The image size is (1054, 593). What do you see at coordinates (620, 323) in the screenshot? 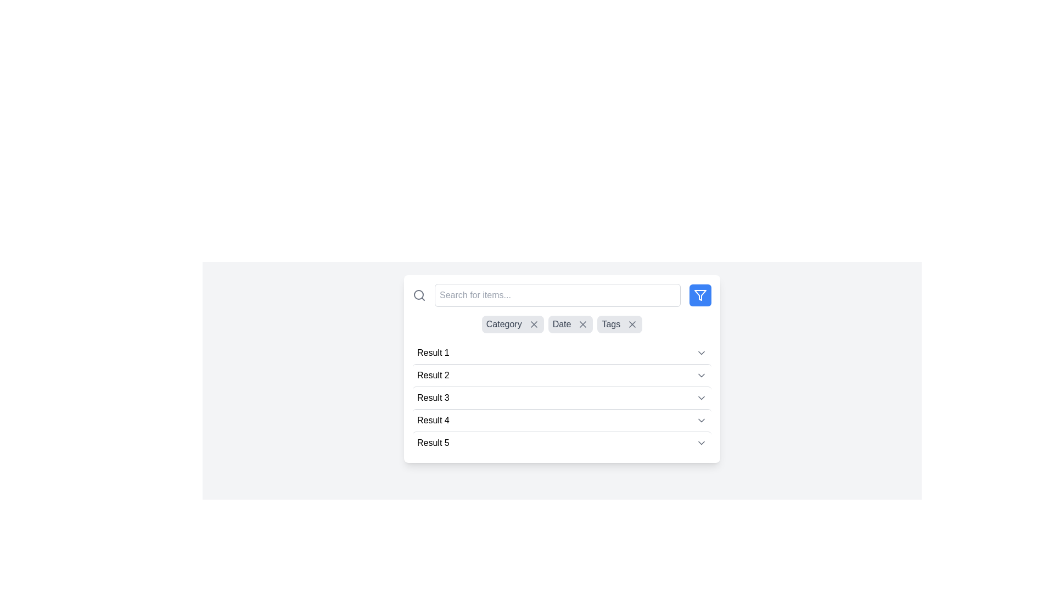
I see `the 'Tags' pill filter with close button` at bounding box center [620, 323].